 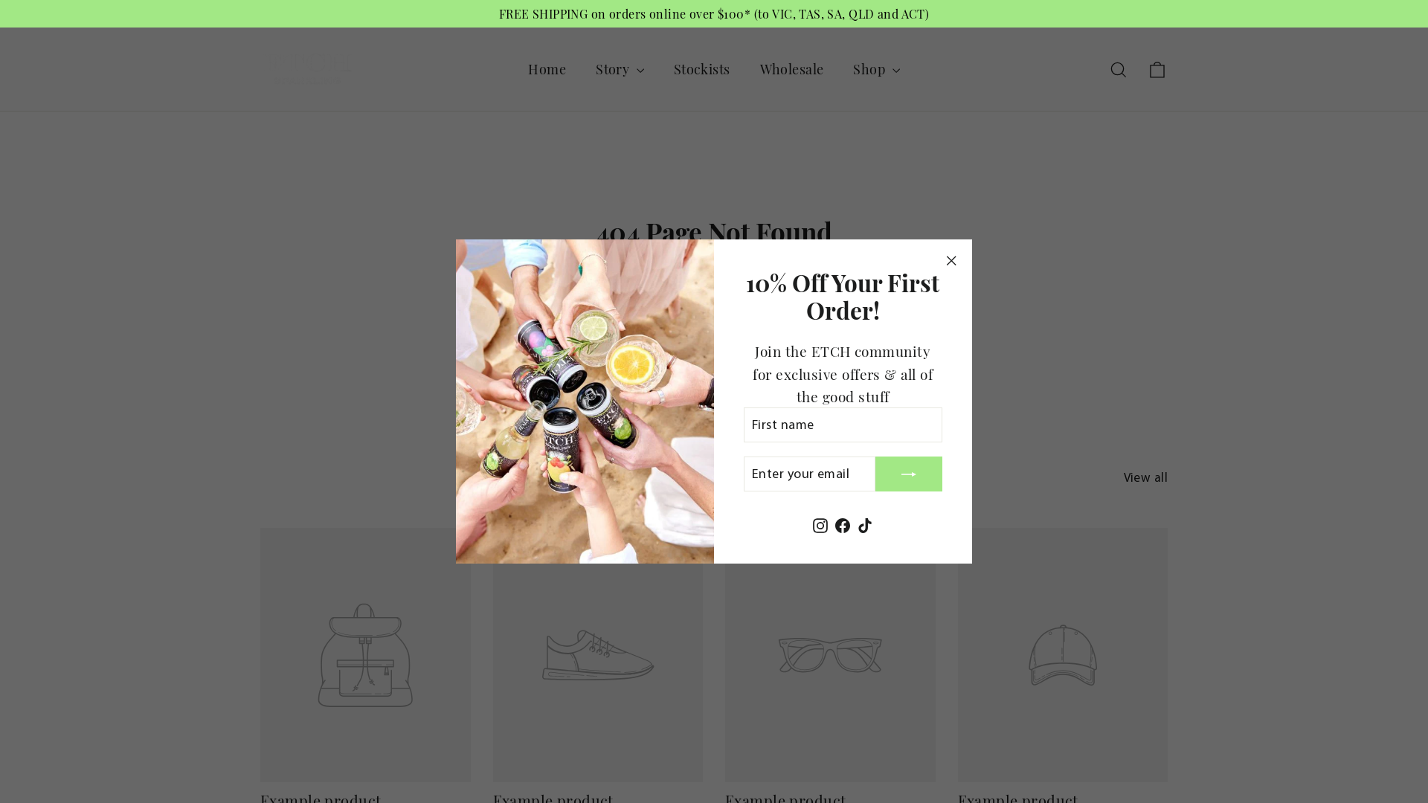 I want to click on 'Cart', so click(x=1156, y=68).